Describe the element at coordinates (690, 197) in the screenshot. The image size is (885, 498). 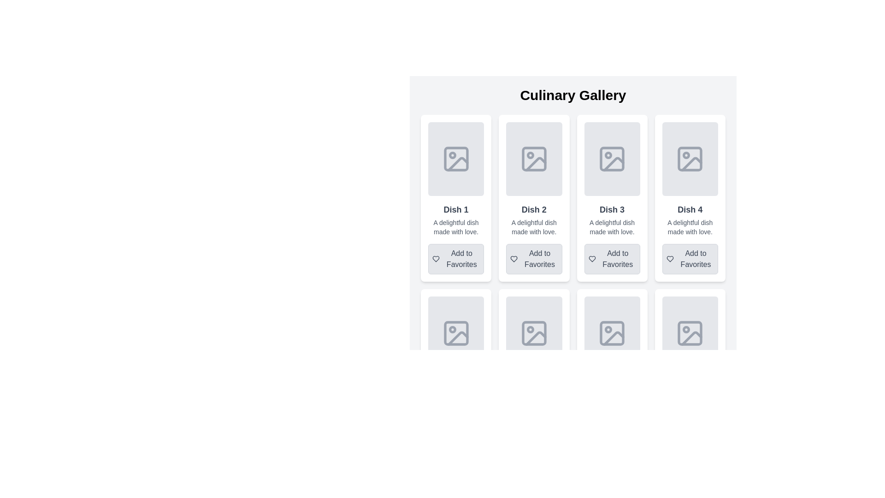
I see `the fourth card in the grid layout, which has a white background and contains the title 'Dish 4'` at that location.